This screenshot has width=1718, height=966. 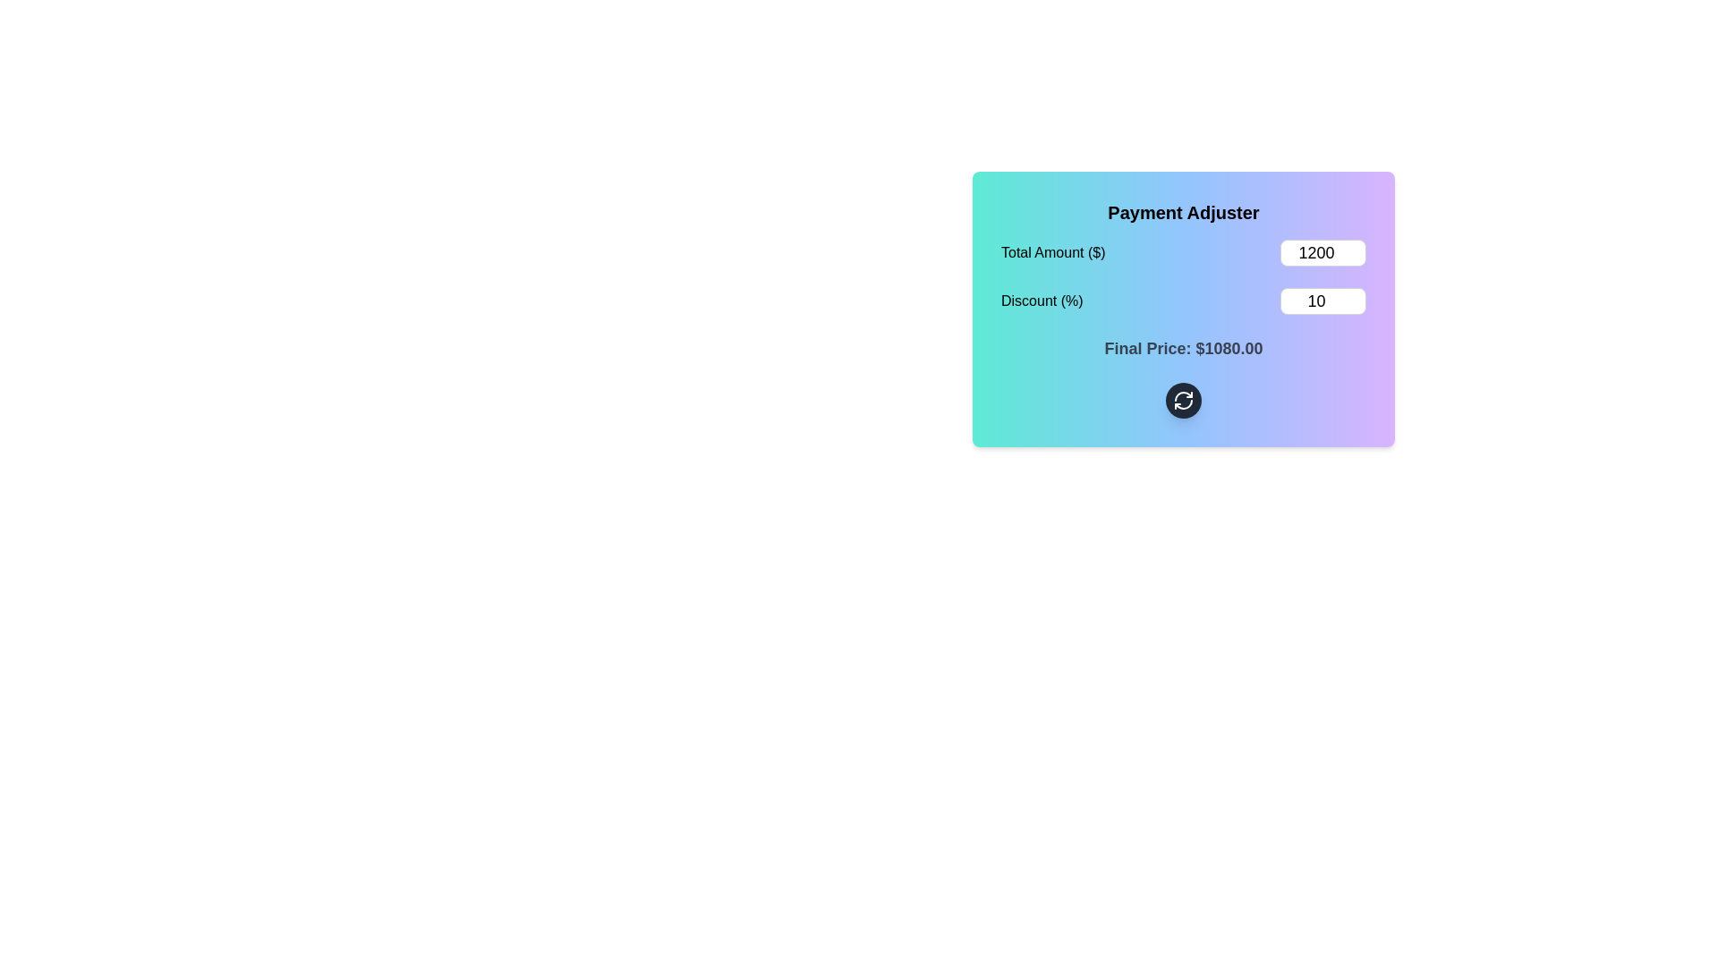 I want to click on on the final price display located within the 'Payment Adjuster' Form section, which is centrally positioned in a rounded rectangle with a gradient color transitioning from teal, so click(x=1184, y=328).